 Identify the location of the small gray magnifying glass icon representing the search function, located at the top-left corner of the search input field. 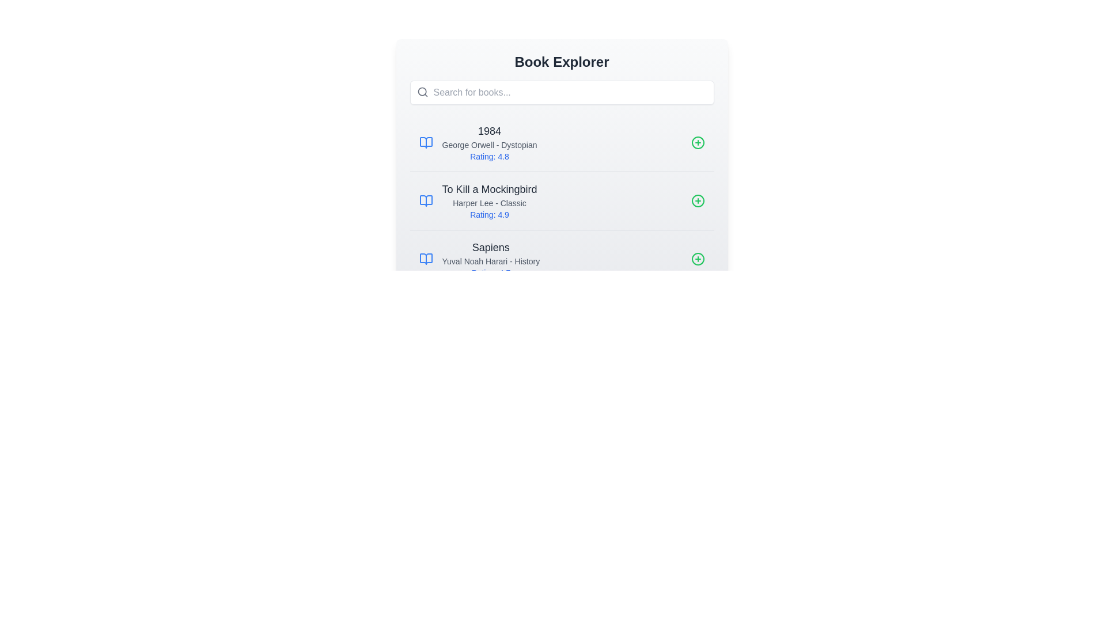
(422, 91).